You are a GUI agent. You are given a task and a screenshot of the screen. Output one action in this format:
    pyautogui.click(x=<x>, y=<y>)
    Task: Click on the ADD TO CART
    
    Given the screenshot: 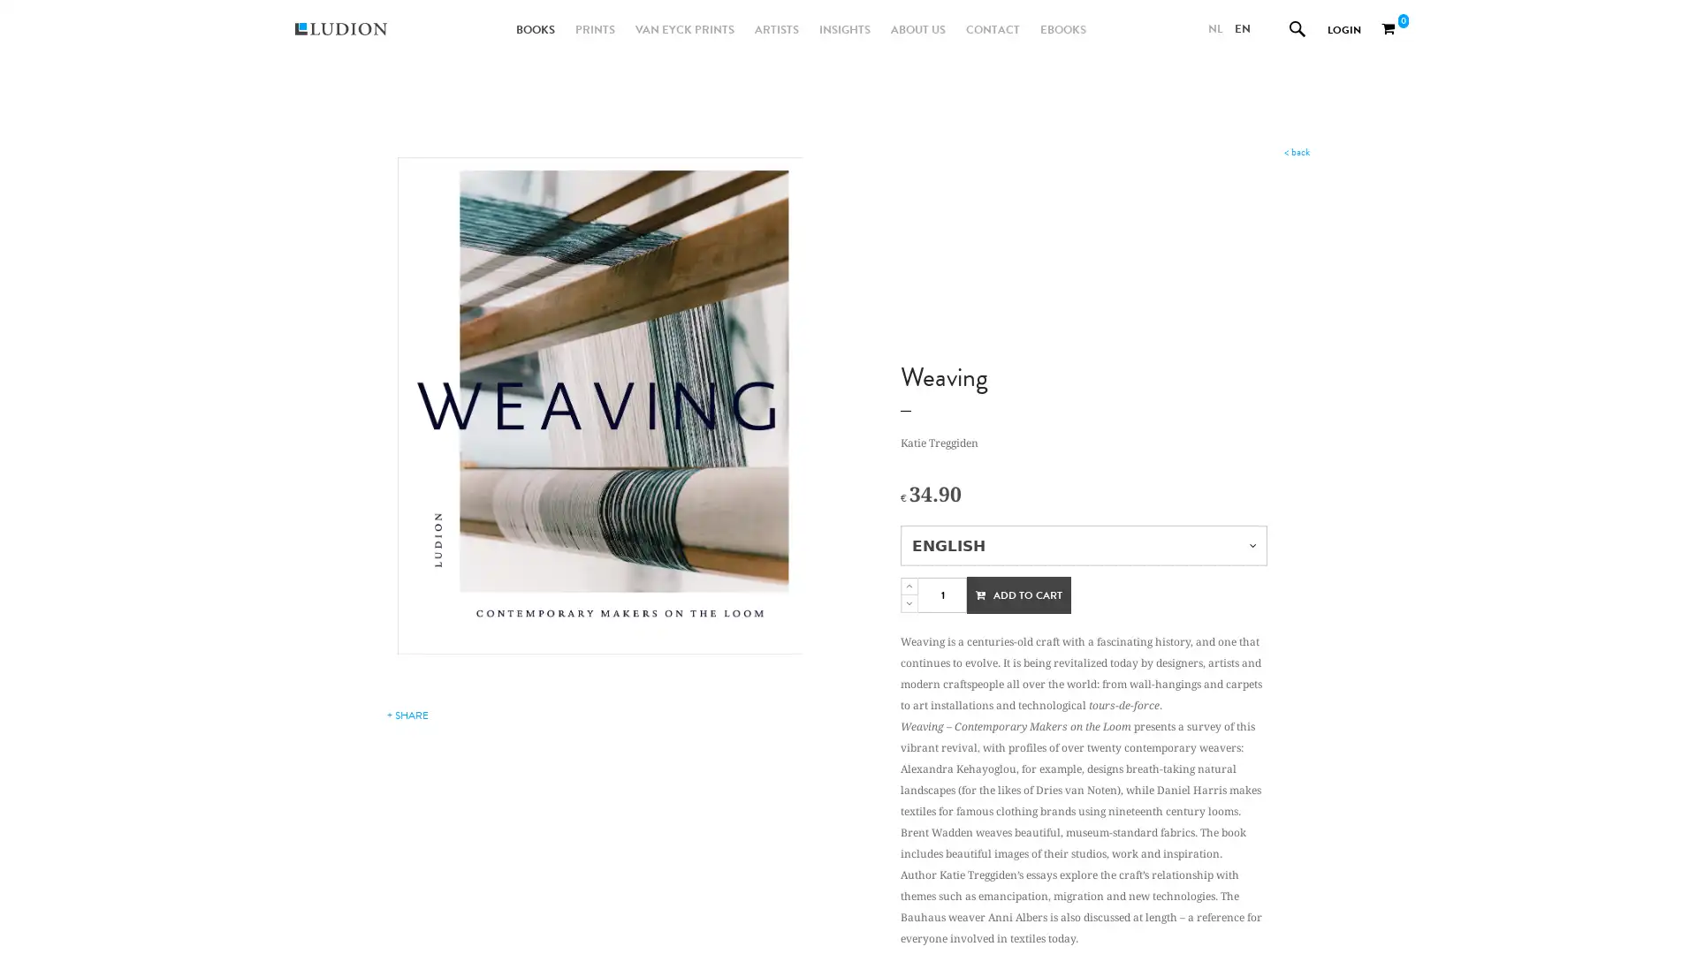 What is the action you would take?
    pyautogui.click(x=1018, y=595)
    